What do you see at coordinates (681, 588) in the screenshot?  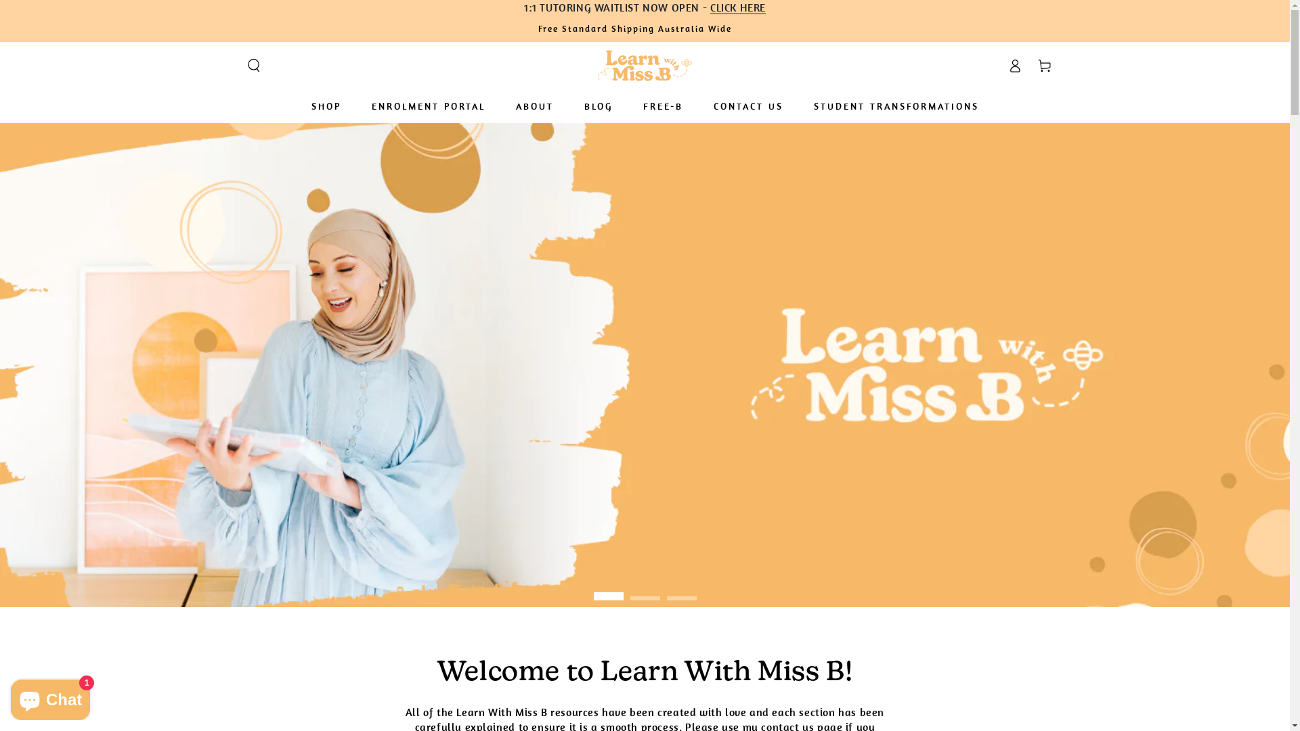 I see `'View slide 3'` at bounding box center [681, 588].